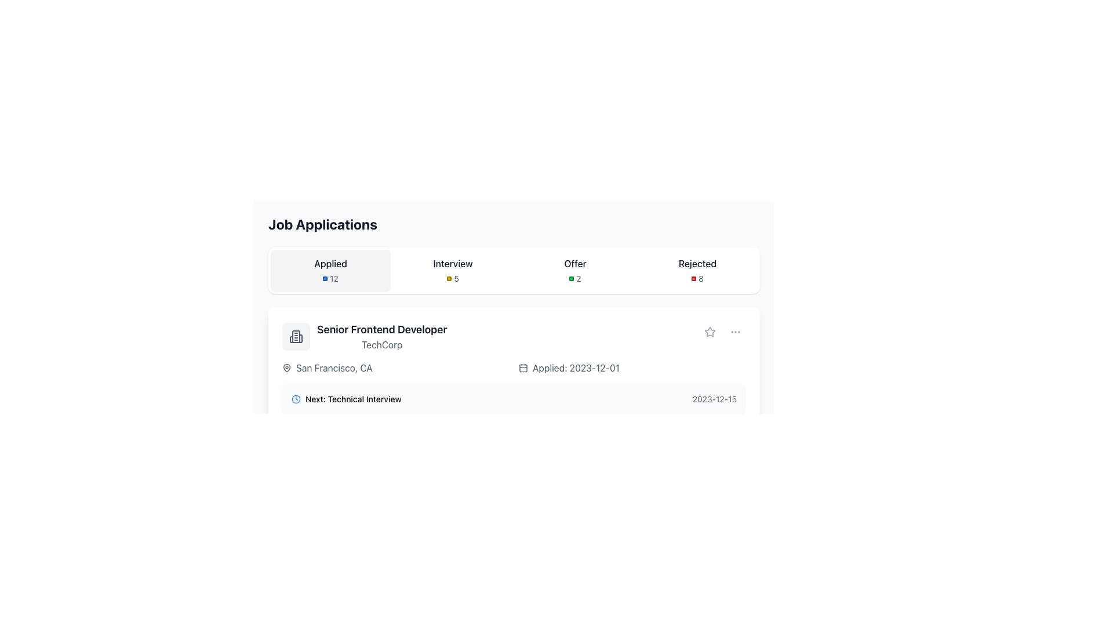 Image resolution: width=1113 pixels, height=626 pixels. I want to click on the static text display showing the number '5' within the 'Interview' segment of the job application statuses, so click(456, 279).